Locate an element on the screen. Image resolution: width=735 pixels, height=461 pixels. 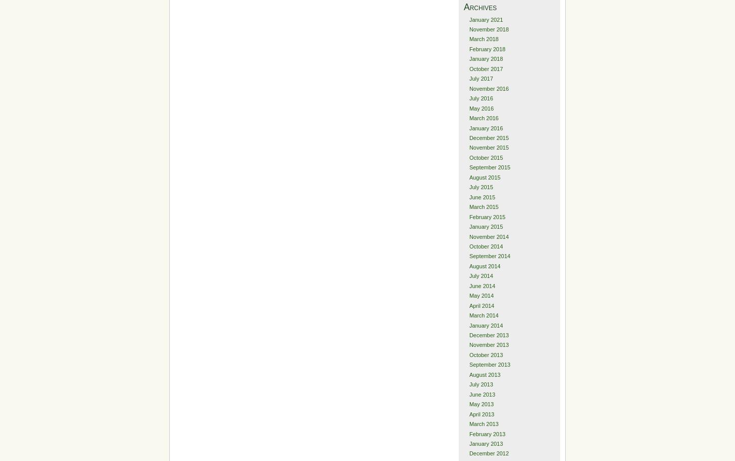
'March 2015' is located at coordinates (483, 206).